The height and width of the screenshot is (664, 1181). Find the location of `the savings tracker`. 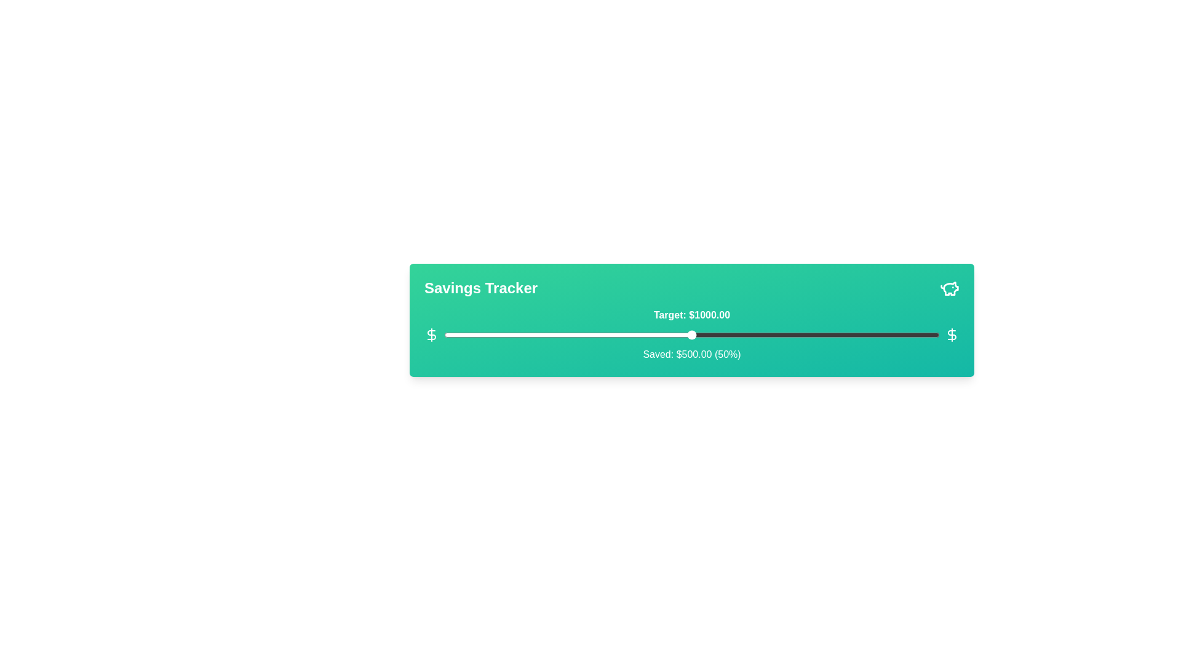

the savings tracker is located at coordinates (468, 334).